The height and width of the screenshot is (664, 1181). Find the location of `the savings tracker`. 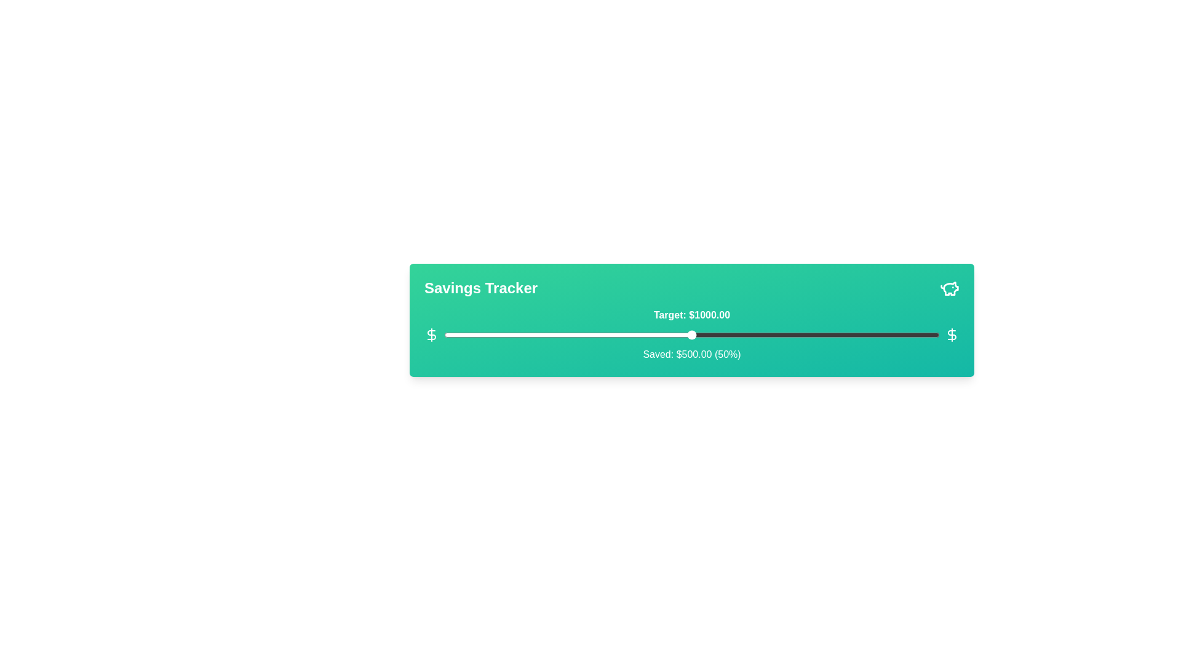

the savings tracker is located at coordinates (468, 334).